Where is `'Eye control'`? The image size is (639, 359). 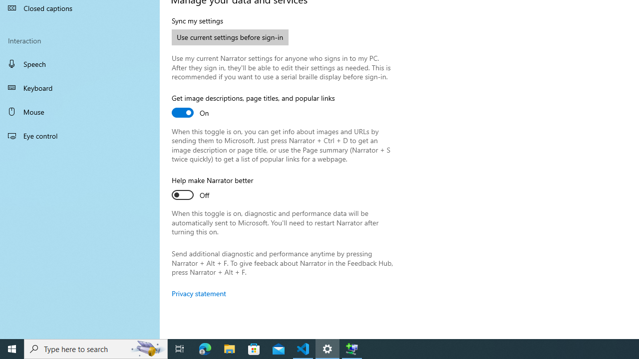
'Eye control' is located at coordinates (80, 135).